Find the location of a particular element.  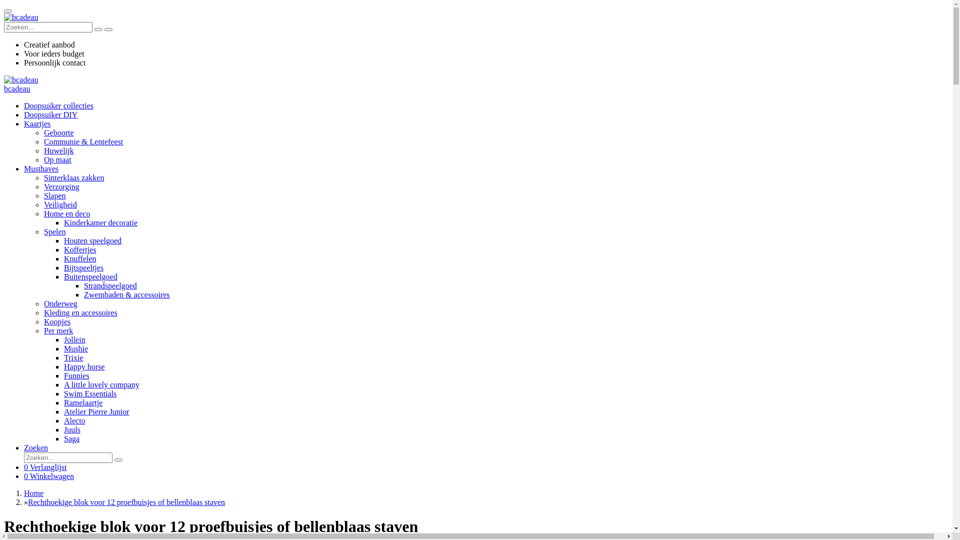

'Per merk' is located at coordinates (43, 330).